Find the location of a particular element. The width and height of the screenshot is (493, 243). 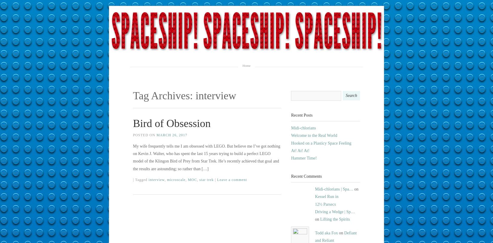

'microscale' is located at coordinates (176, 179).